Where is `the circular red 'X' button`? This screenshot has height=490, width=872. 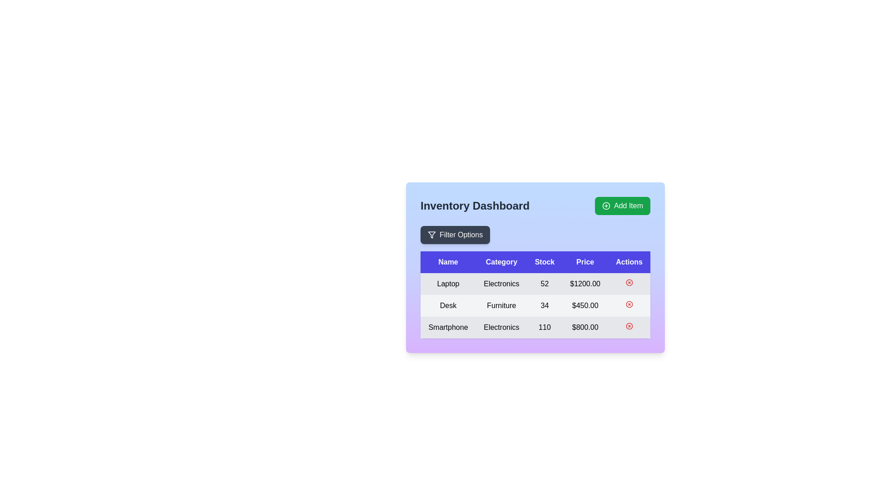 the circular red 'X' button is located at coordinates (629, 282).